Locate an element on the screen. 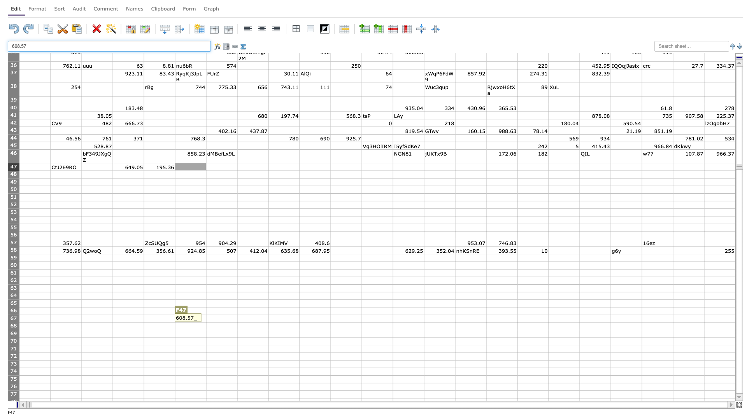 The height and width of the screenshot is (420, 747). Bottom right corner of cell I-67 is located at coordinates (299, 322).